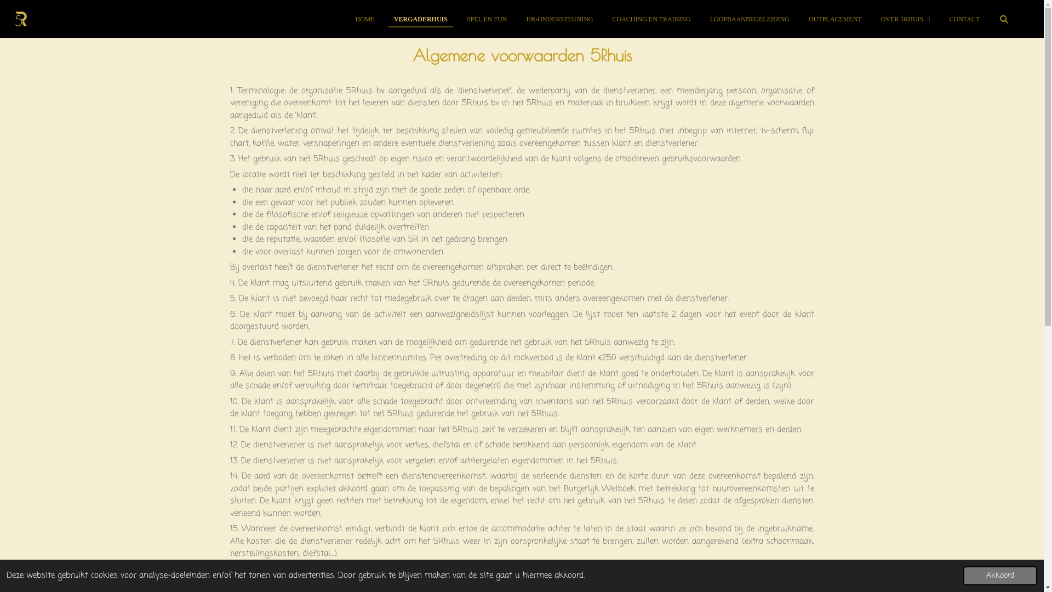 This screenshot has height=592, width=1052. What do you see at coordinates (749, 19) in the screenshot?
I see `'LOOPBAANBEGELEIDING'` at bounding box center [749, 19].